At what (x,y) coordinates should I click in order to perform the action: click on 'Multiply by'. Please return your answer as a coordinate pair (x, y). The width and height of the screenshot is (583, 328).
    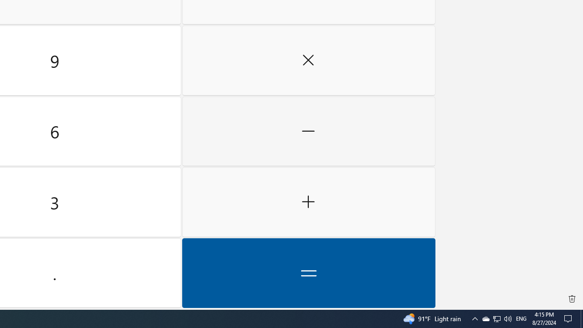
    Looking at the image, I should click on (308, 61).